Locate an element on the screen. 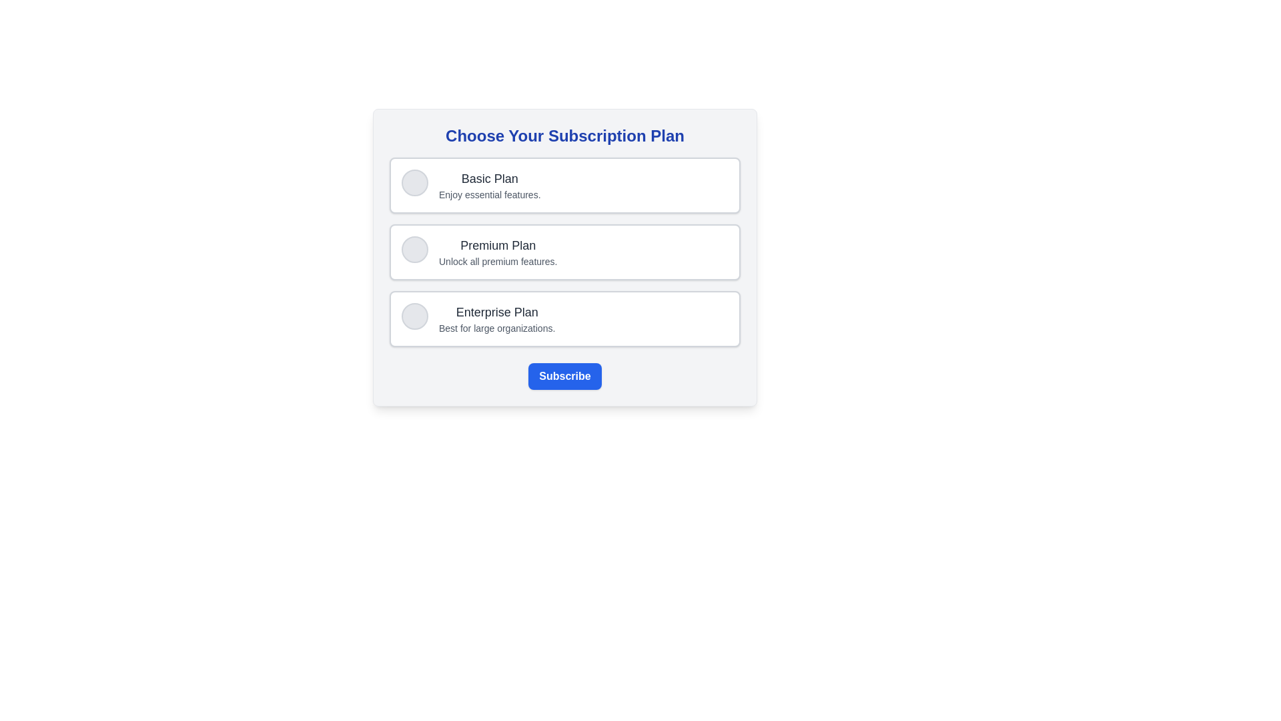 Image resolution: width=1281 pixels, height=721 pixels. to select the 'Premium Plan' subscription card, which is the second card in a vertical list of subscription options, featuring a white background and rounded corners is located at coordinates (564, 252).